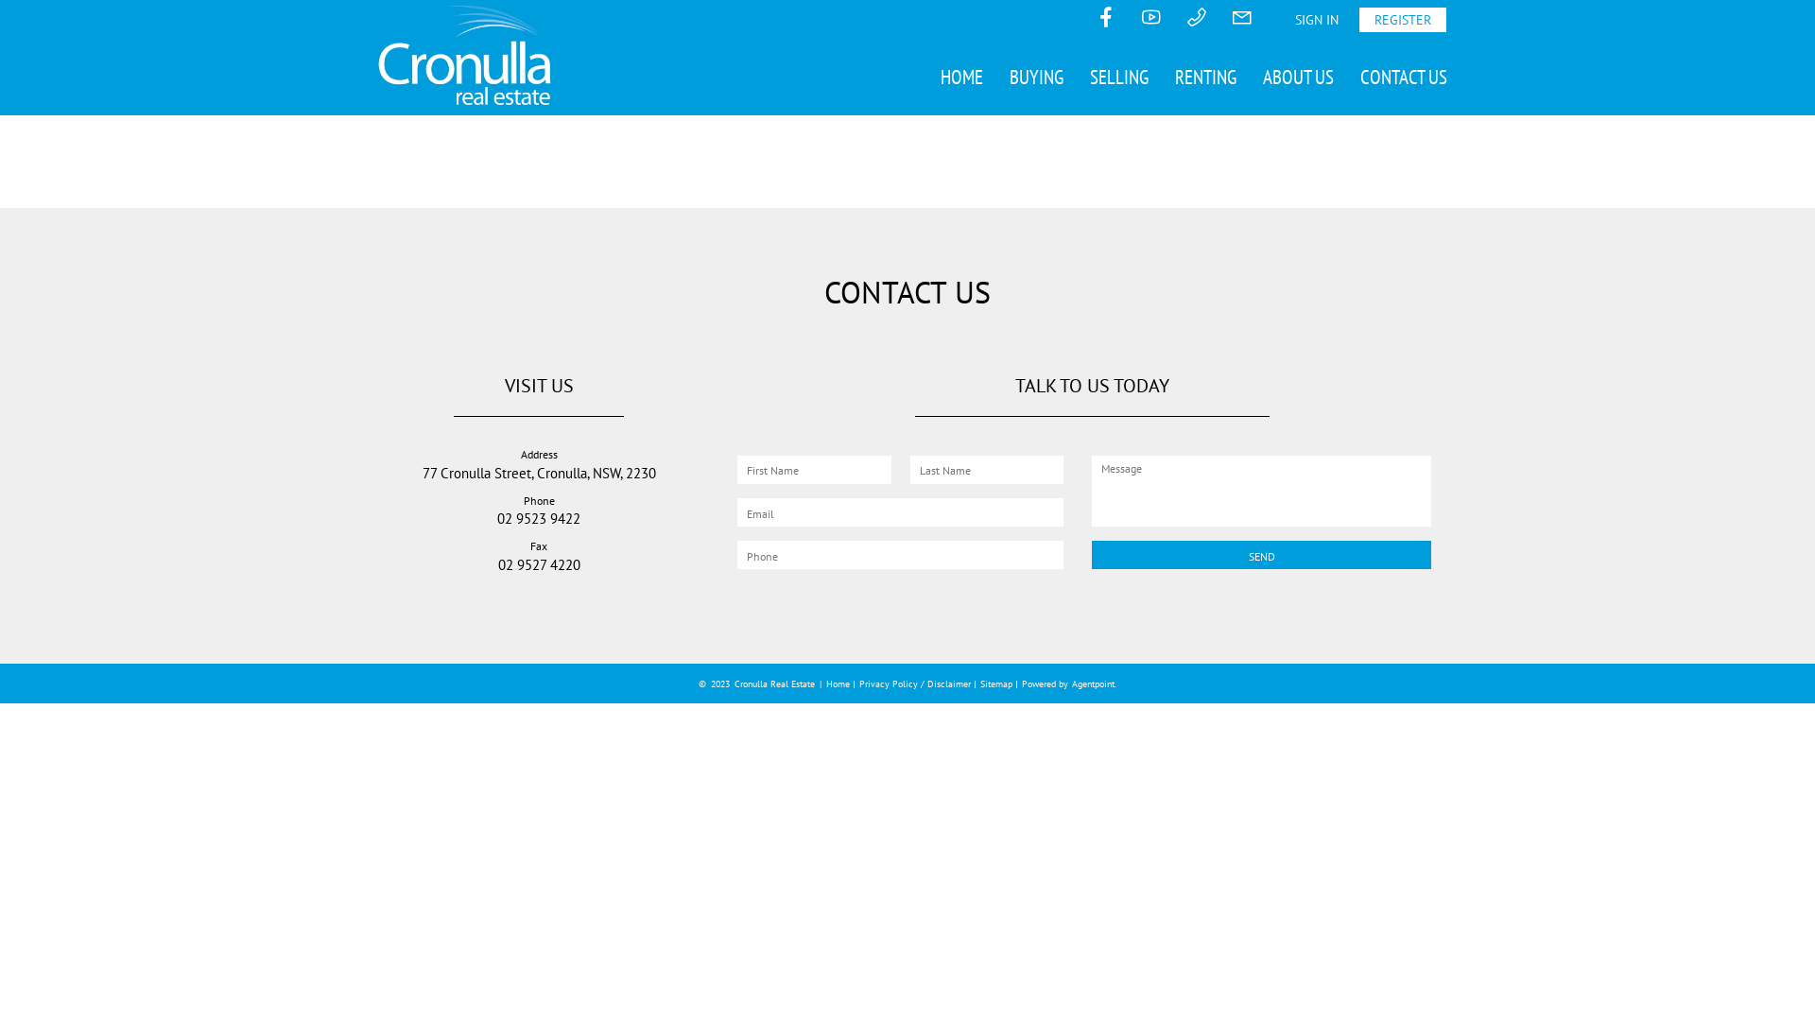 Image resolution: width=1815 pixels, height=1021 pixels. What do you see at coordinates (538, 518) in the screenshot?
I see `'02 9523 9422'` at bounding box center [538, 518].